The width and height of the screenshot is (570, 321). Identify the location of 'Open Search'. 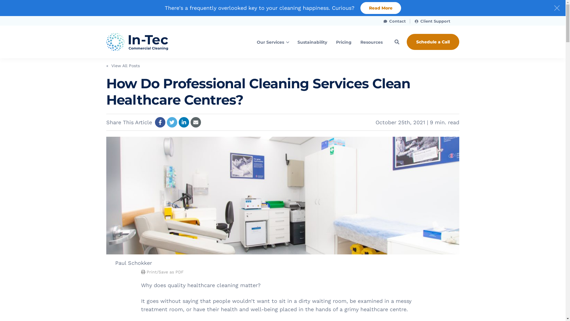
(397, 42).